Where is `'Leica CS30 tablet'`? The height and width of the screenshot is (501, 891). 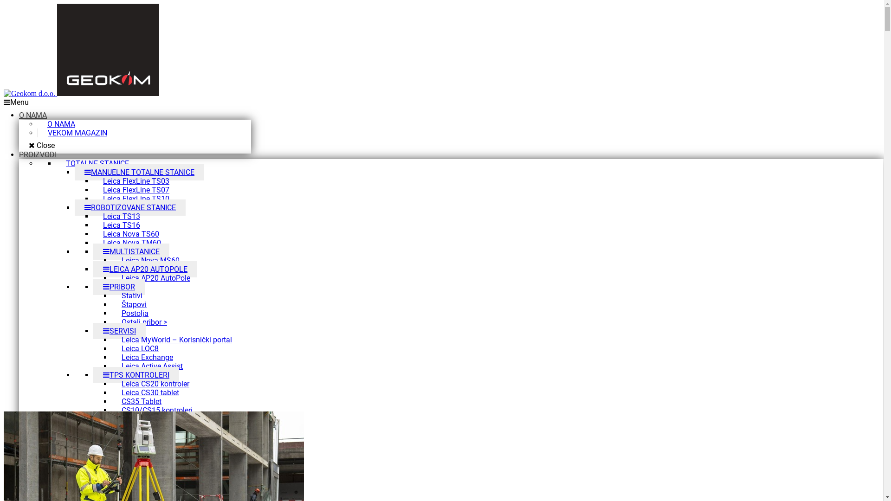
'Leica CS30 tablet' is located at coordinates (150, 392).